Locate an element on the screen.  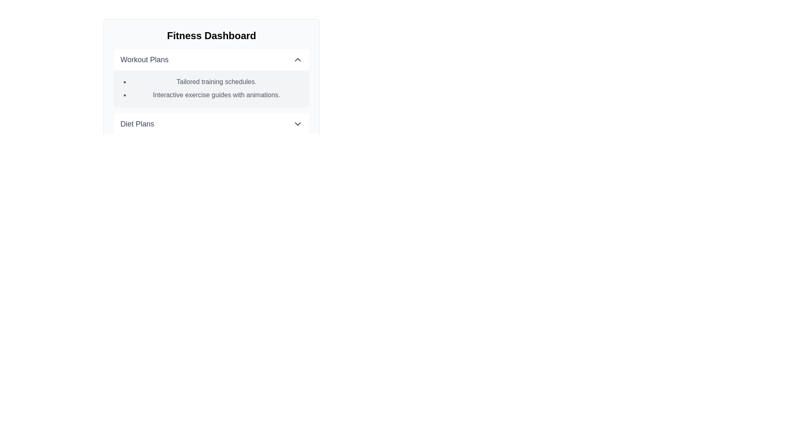
text item labeled 'Tailored training schedules.' which is the first entry under 'Workout Plans' in the bulleted list is located at coordinates (216, 82).